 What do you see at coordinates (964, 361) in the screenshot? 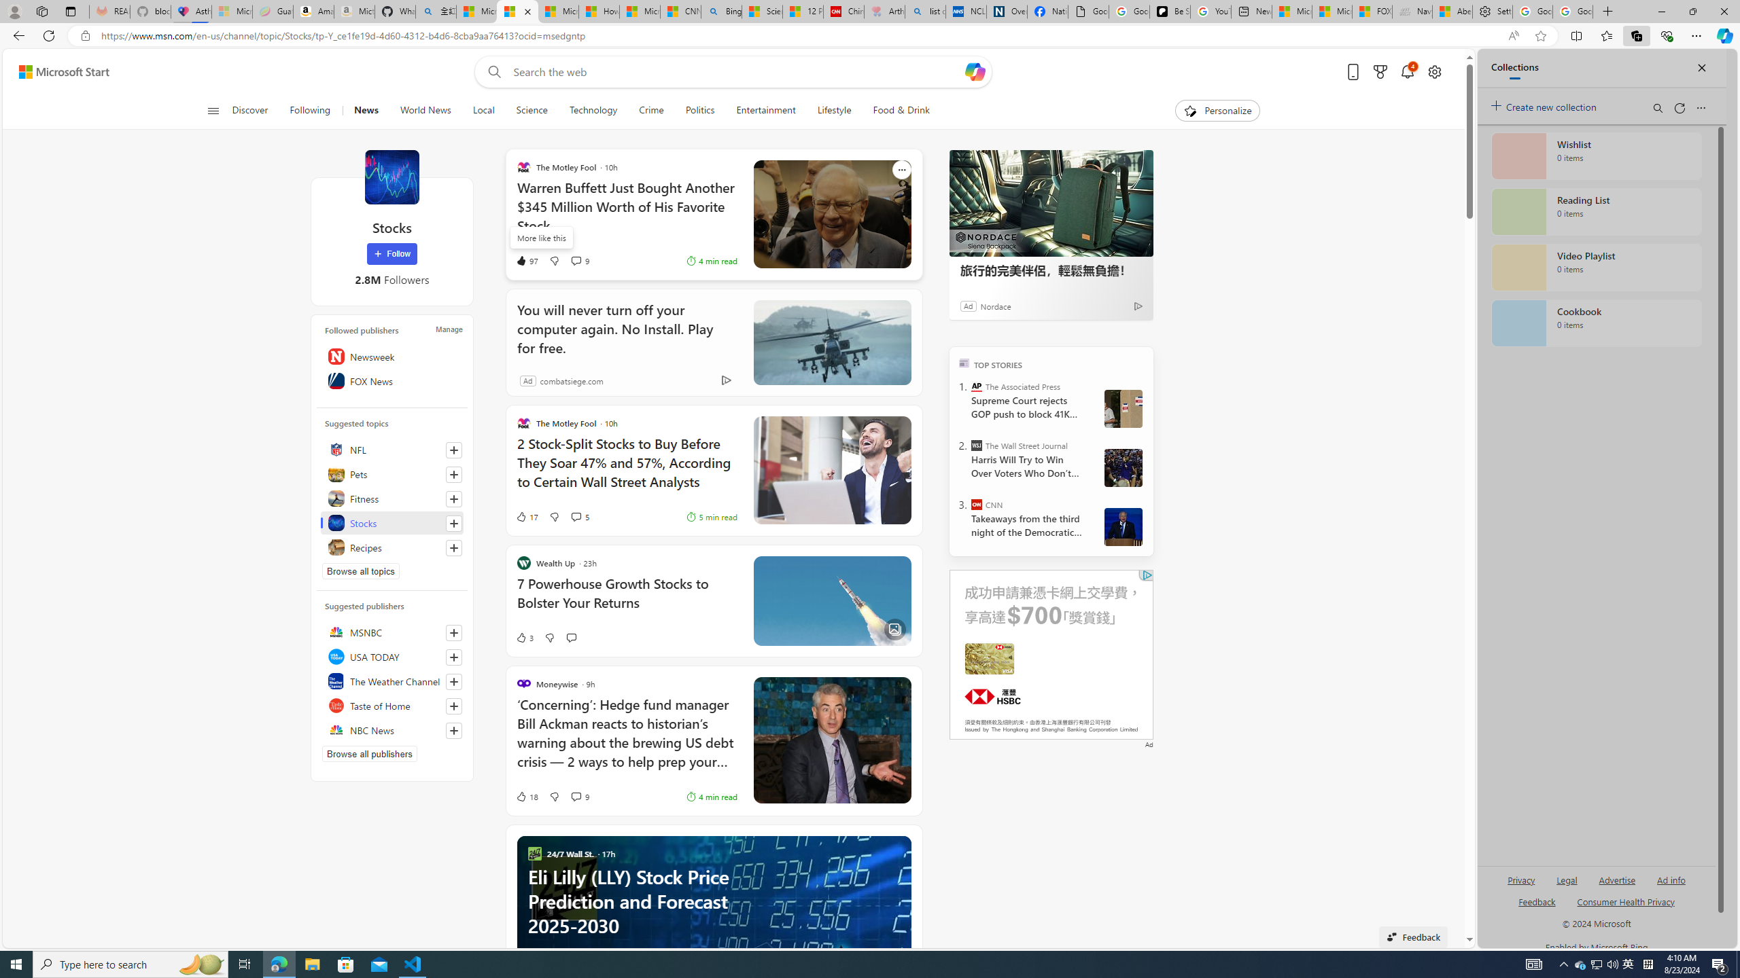
I see `'TOP'` at bounding box center [964, 361].